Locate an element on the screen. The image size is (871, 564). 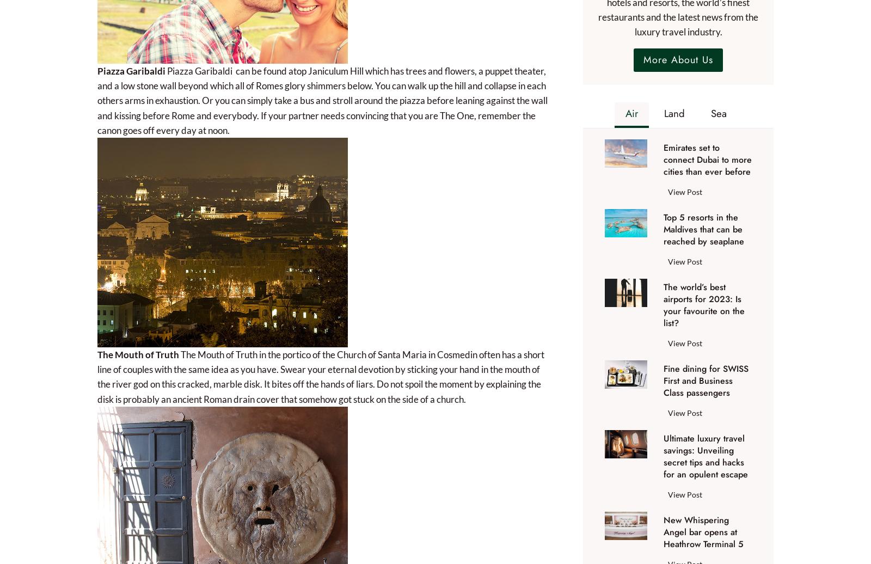
'The Mouth of Truth' is located at coordinates (138, 354).